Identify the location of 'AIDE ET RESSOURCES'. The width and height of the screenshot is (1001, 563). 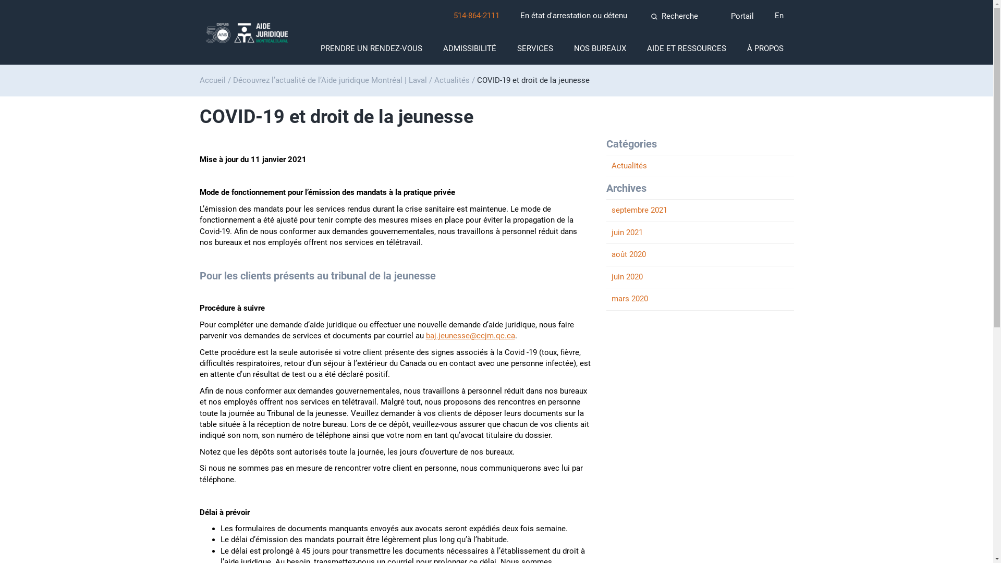
(686, 48).